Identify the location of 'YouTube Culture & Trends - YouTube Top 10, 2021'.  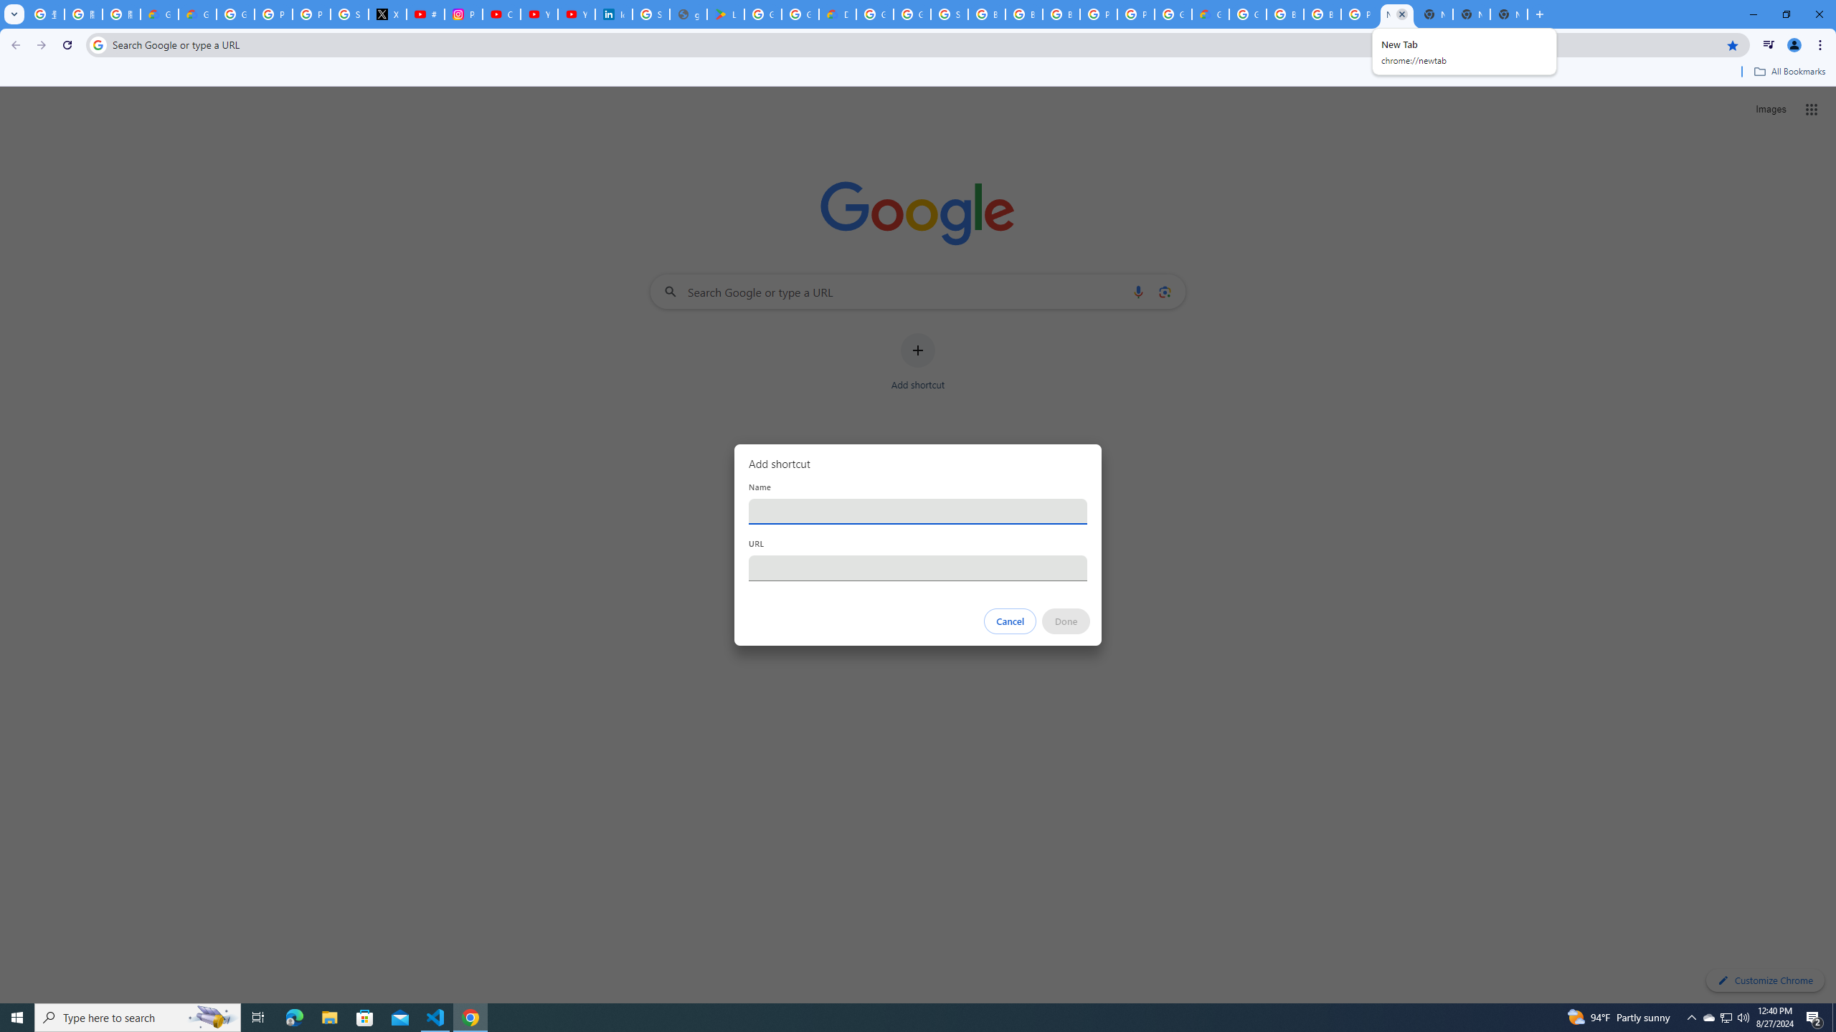
(576, 14).